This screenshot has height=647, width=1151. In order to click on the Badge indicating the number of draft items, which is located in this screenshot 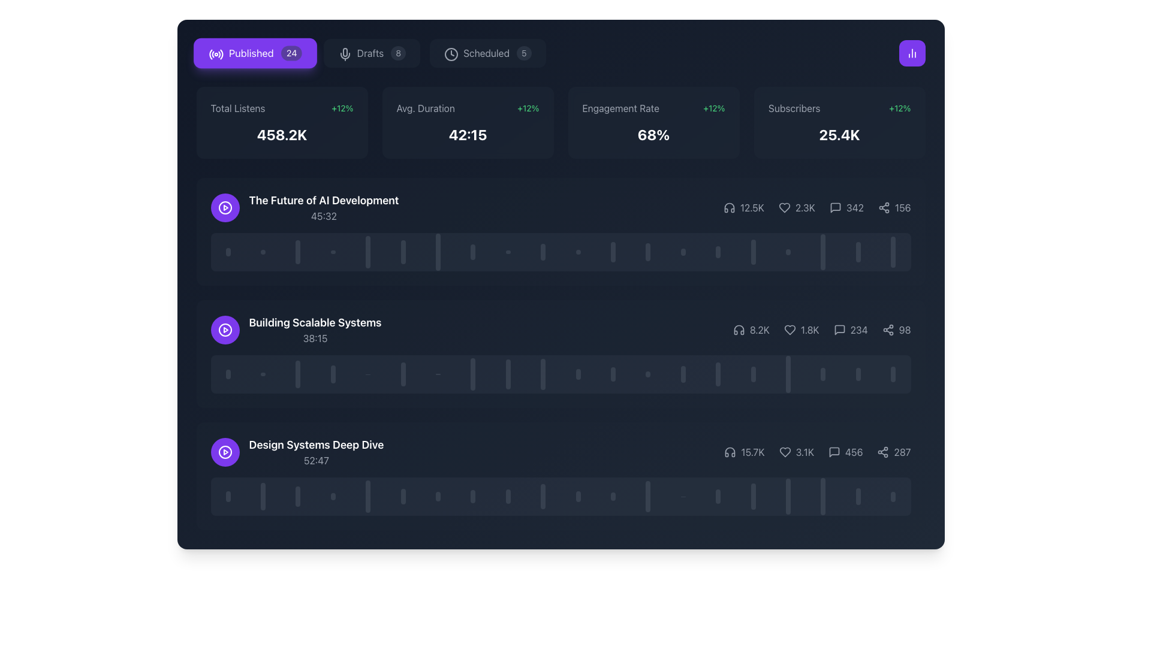, I will do `click(398, 52)`.